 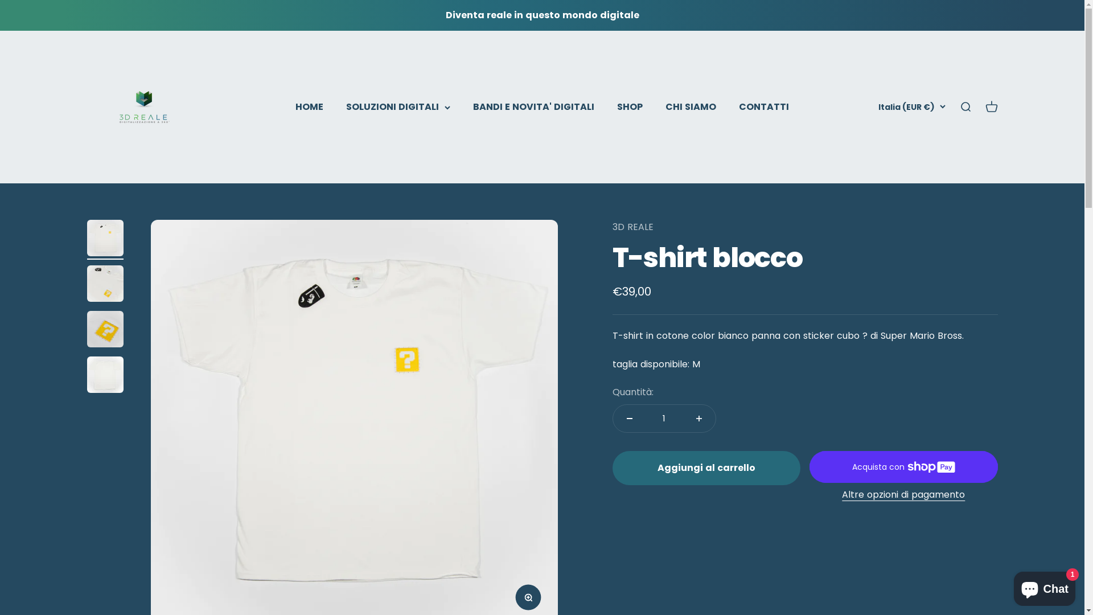 I want to click on 'Mostra il menu di ricerca', so click(x=964, y=107).